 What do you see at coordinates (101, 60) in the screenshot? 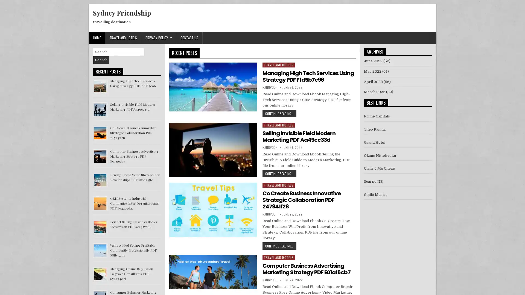
I see `Search` at bounding box center [101, 60].